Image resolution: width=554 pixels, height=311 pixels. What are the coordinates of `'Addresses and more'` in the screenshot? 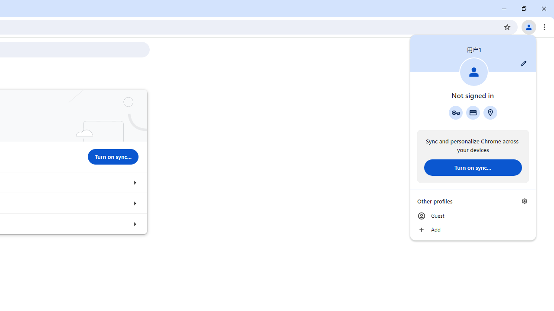 It's located at (490, 112).